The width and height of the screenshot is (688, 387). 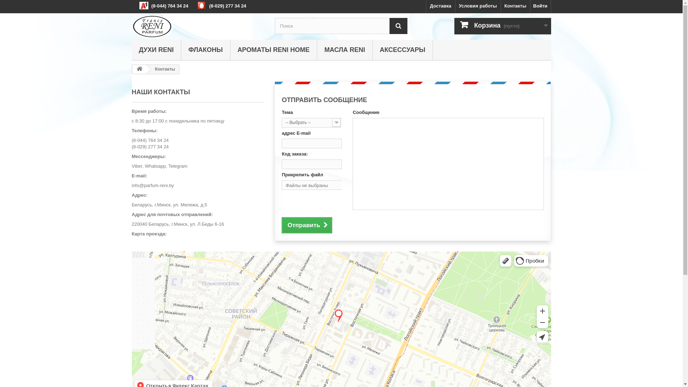 I want to click on 'Whatsapp', so click(x=155, y=166).